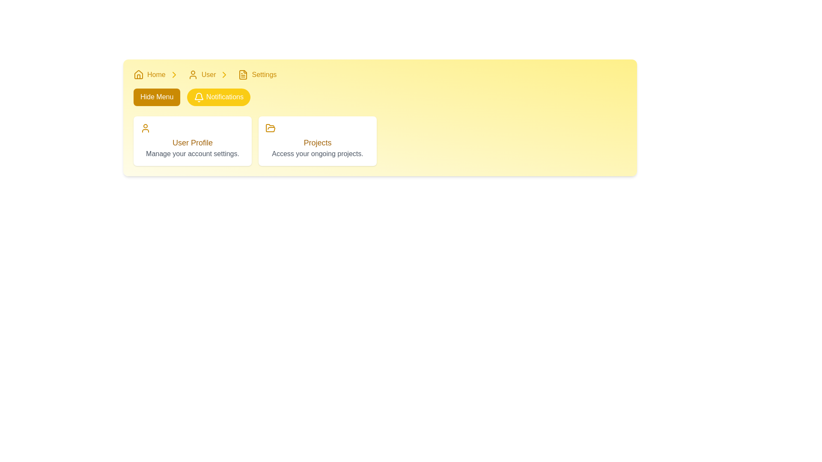  I want to click on the small yellow house icon in the navigation bar, so click(139, 74).